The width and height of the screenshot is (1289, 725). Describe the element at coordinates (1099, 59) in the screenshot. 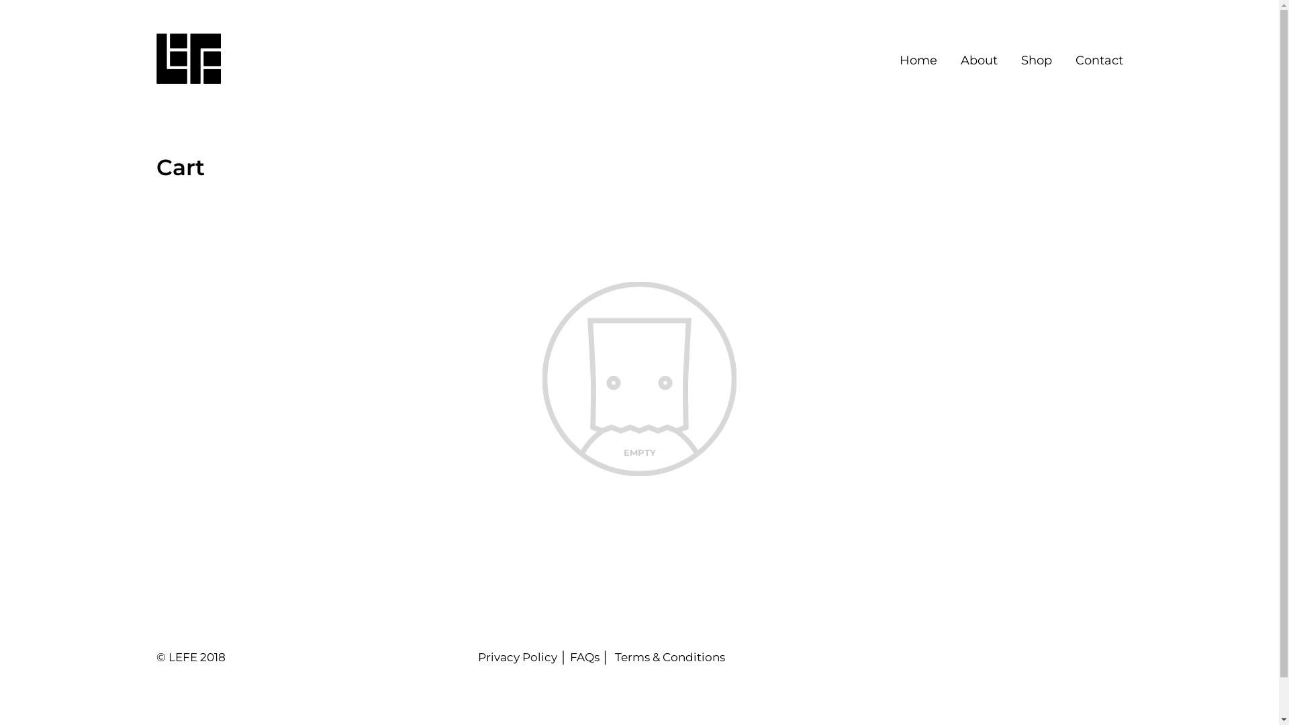

I see `'Contact'` at that location.